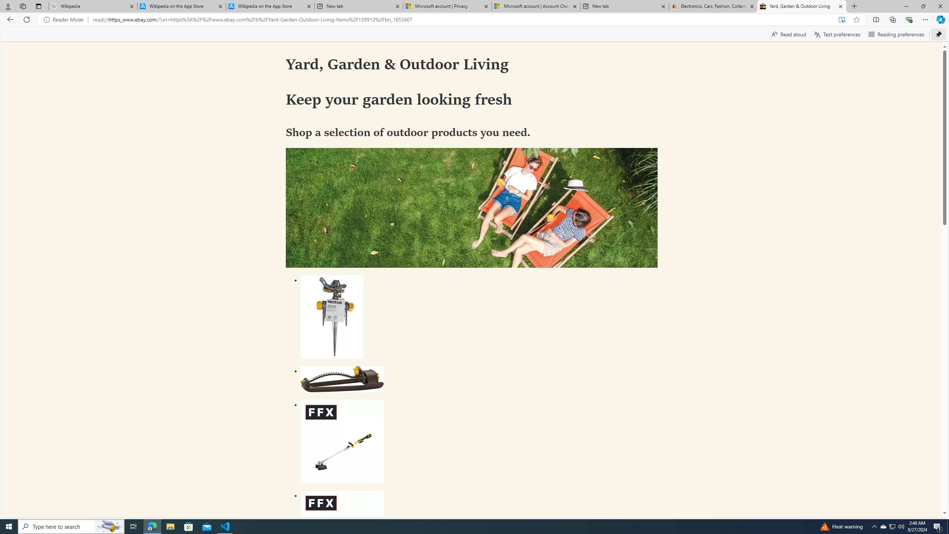  What do you see at coordinates (788, 34) in the screenshot?
I see `'Read aloud'` at bounding box center [788, 34].